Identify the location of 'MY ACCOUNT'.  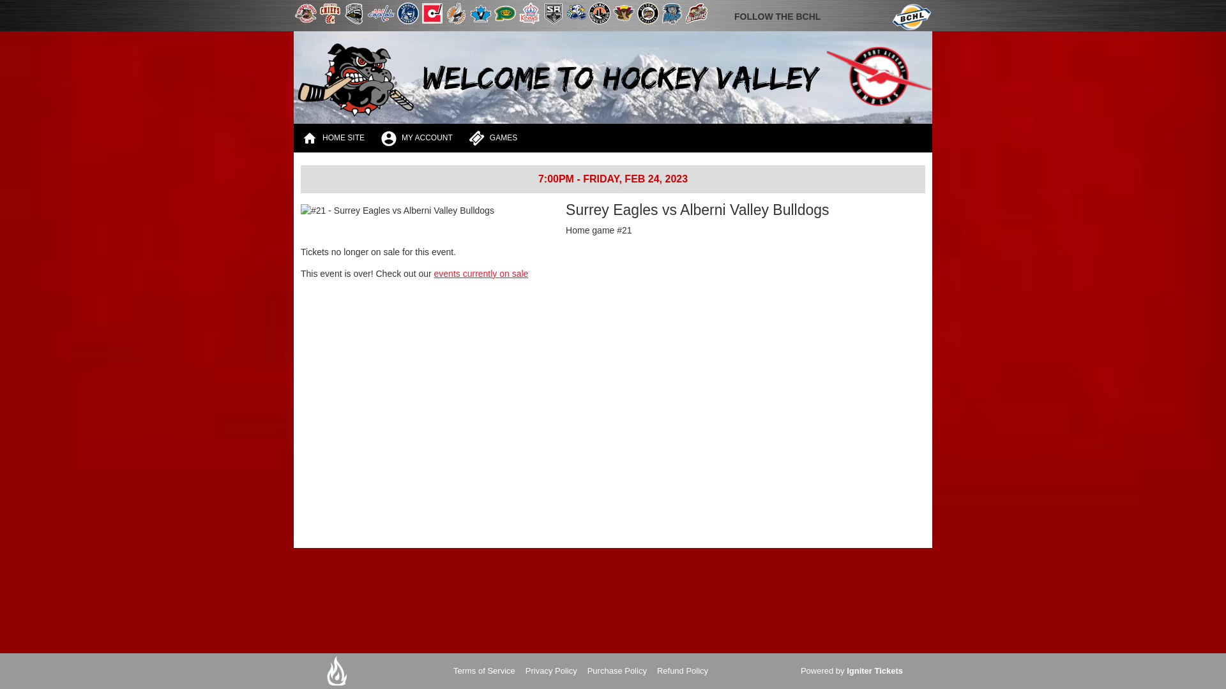
(372, 138).